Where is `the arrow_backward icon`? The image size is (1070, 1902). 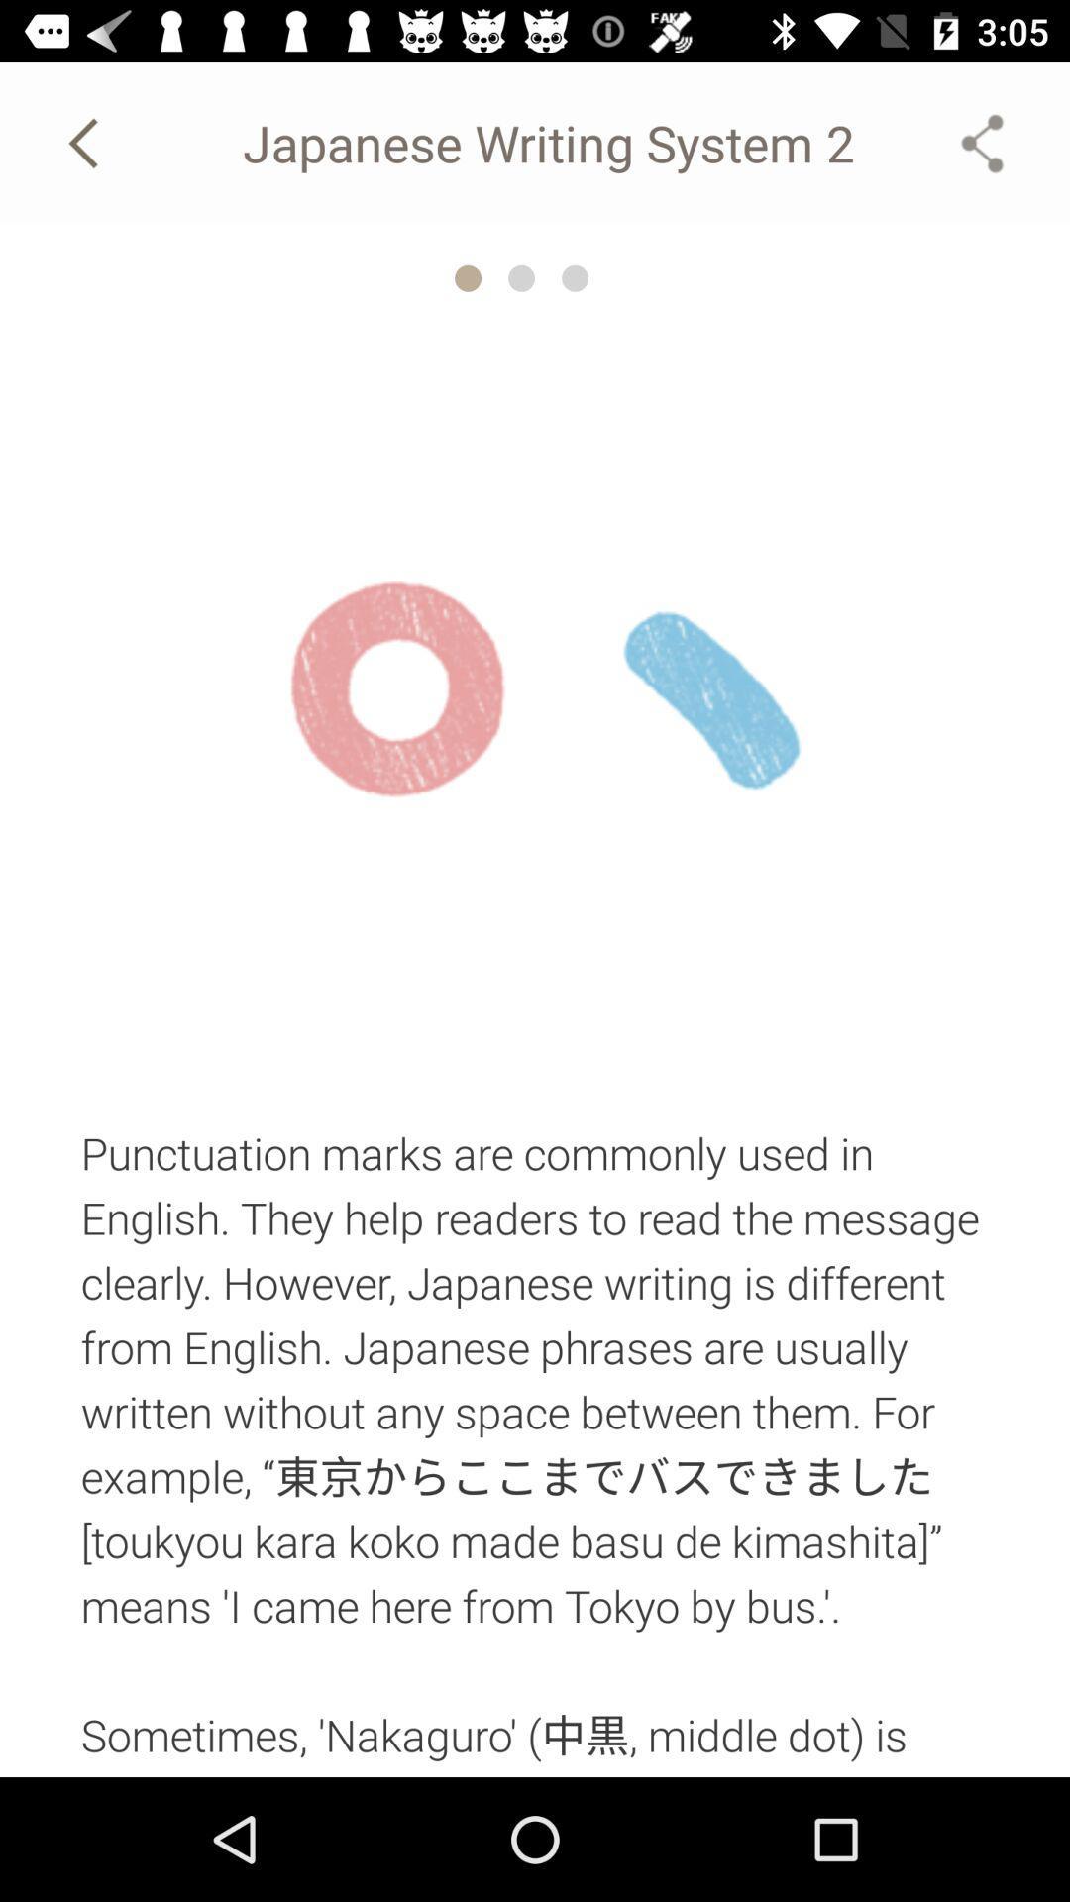 the arrow_backward icon is located at coordinates (86, 142).